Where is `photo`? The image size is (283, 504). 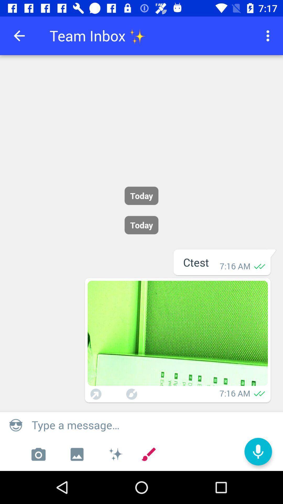
photo is located at coordinates (38, 454).